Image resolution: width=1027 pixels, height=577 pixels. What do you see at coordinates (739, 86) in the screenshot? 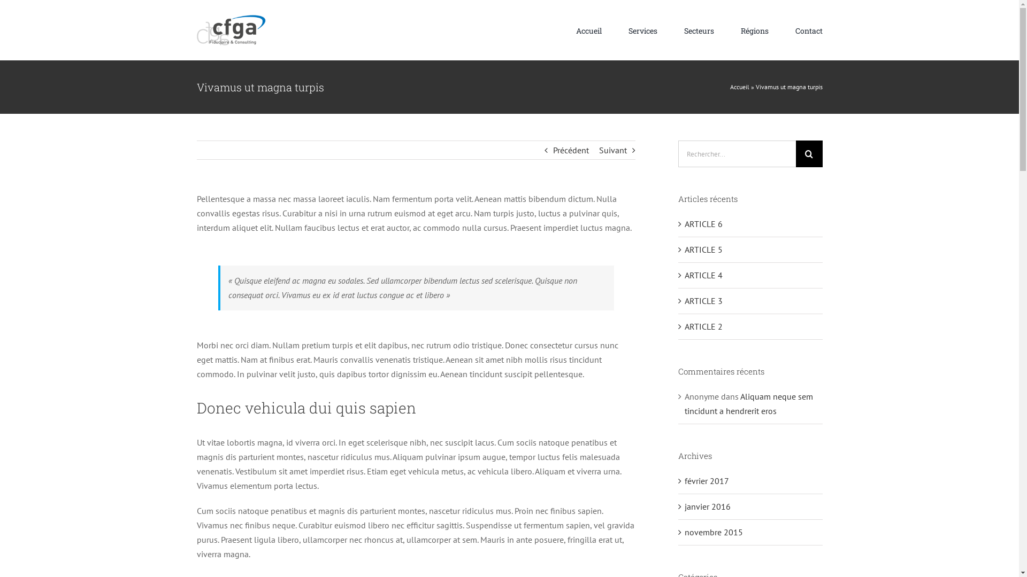
I see `'Accueil'` at bounding box center [739, 86].